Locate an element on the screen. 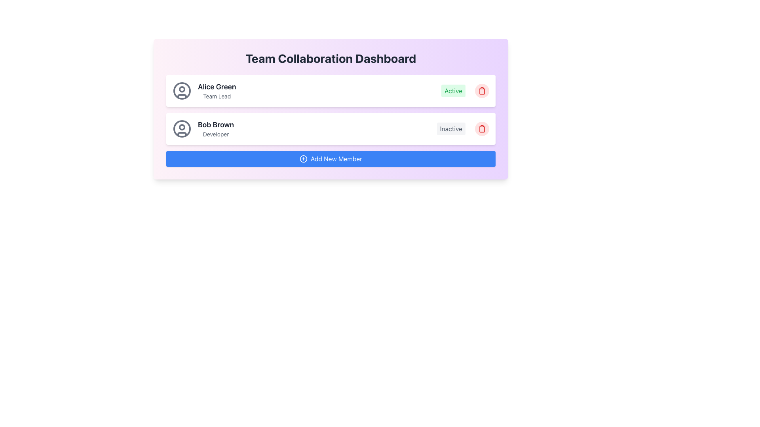  the user profile card located in the Team Collaboration Dashboard, which is the second card in the list below Alice Green is located at coordinates (331, 128).